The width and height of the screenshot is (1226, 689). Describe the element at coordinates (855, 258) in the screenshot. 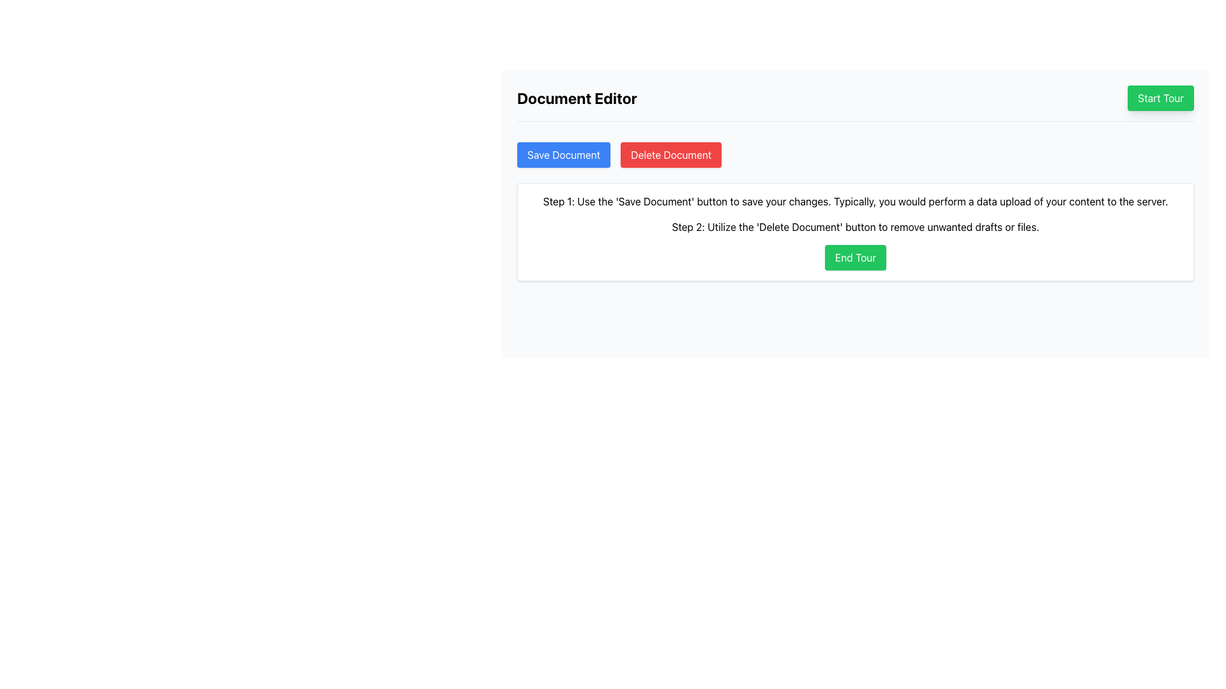

I see `the green 'End Tour' button with white text, located beneath the instructional text in the interface, to end the tour` at that location.